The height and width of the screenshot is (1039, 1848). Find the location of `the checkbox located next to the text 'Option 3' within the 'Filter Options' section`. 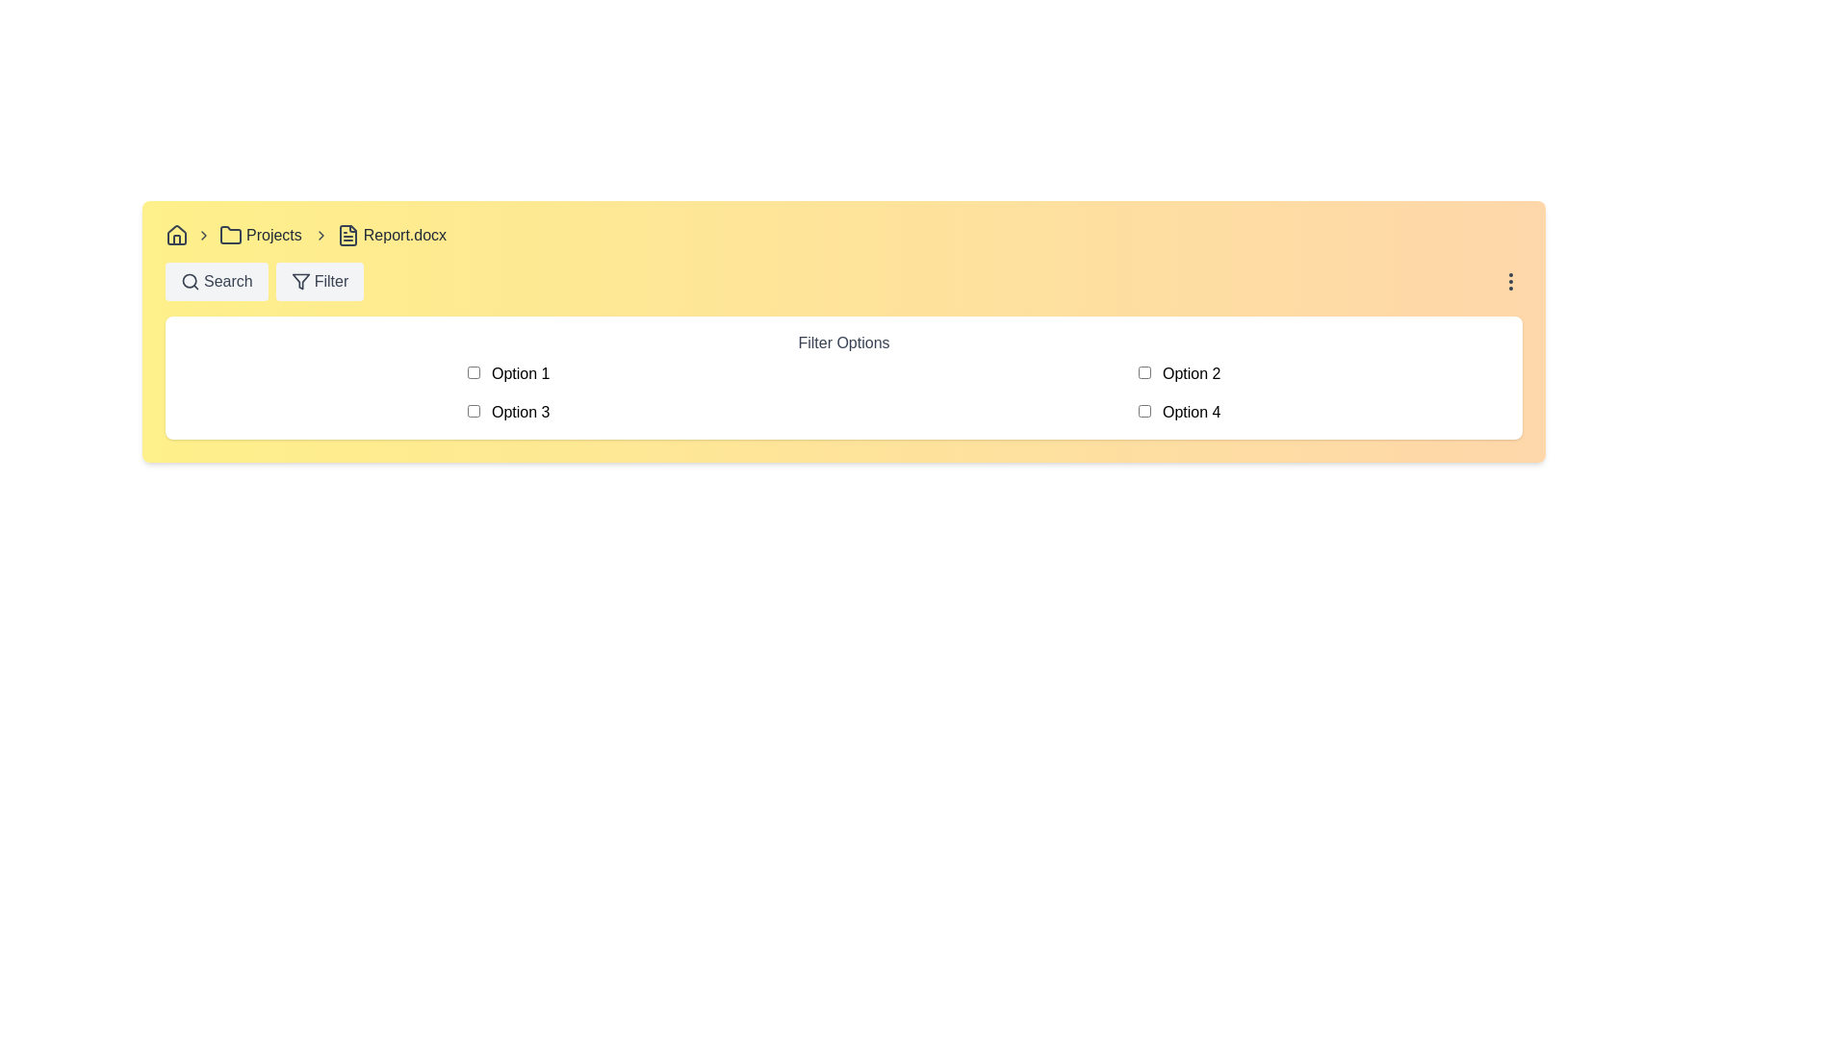

the checkbox located next to the text 'Option 3' within the 'Filter Options' section is located at coordinates (474, 410).